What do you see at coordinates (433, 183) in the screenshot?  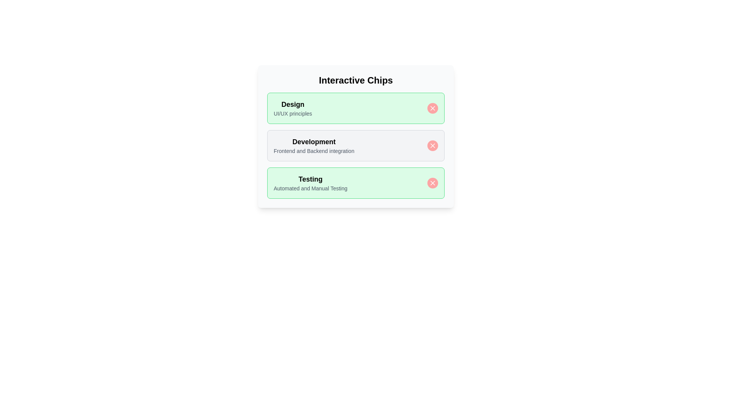 I see `close button of the chip labeled Testing` at bounding box center [433, 183].